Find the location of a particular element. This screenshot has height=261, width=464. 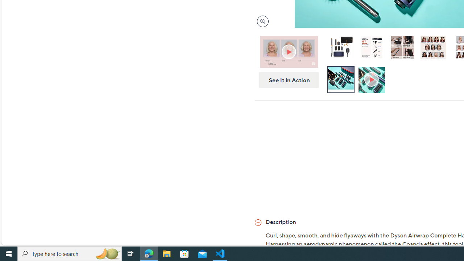

'Task View' is located at coordinates (130, 253).